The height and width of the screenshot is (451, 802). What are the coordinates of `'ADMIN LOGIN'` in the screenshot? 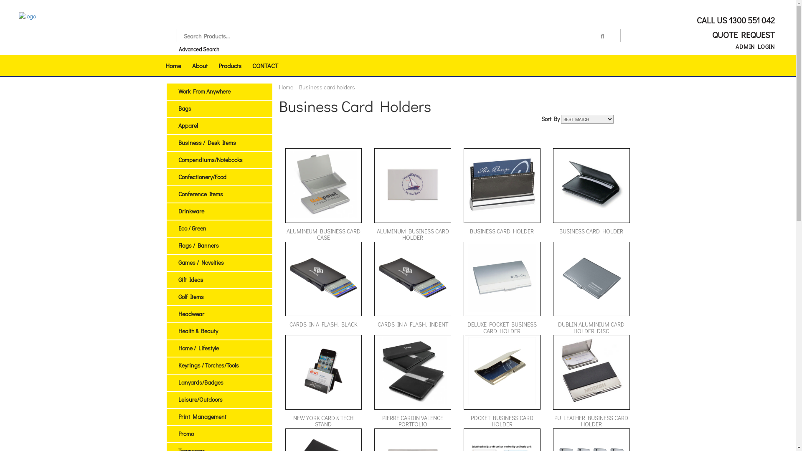 It's located at (755, 46).